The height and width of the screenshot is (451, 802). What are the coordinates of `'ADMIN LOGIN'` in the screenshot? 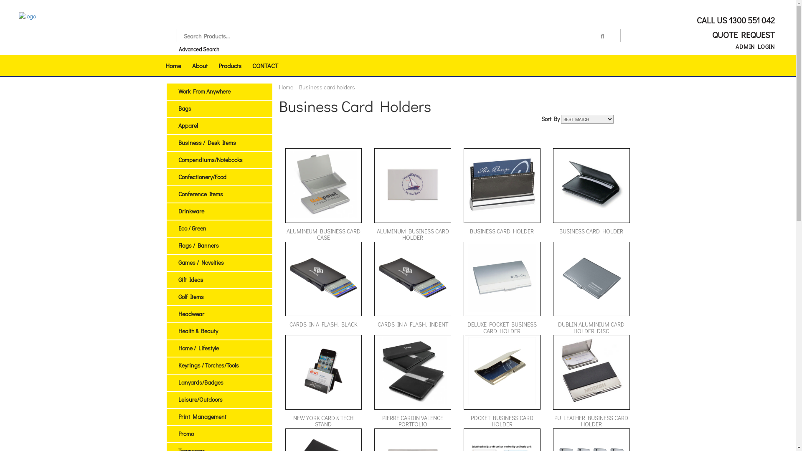 It's located at (755, 46).